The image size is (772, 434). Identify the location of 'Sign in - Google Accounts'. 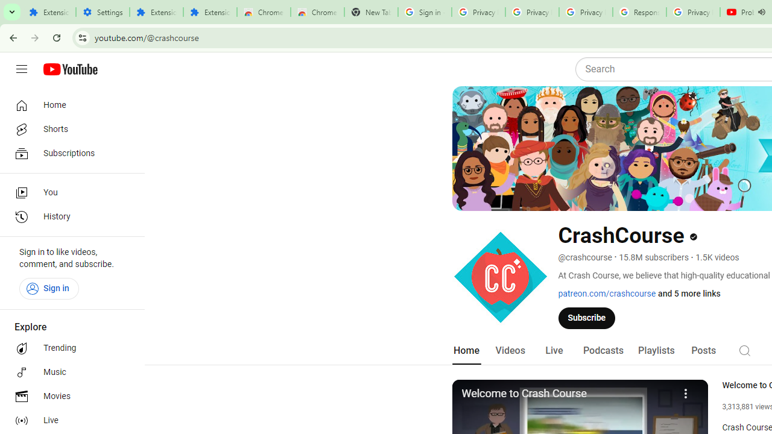
(425, 12).